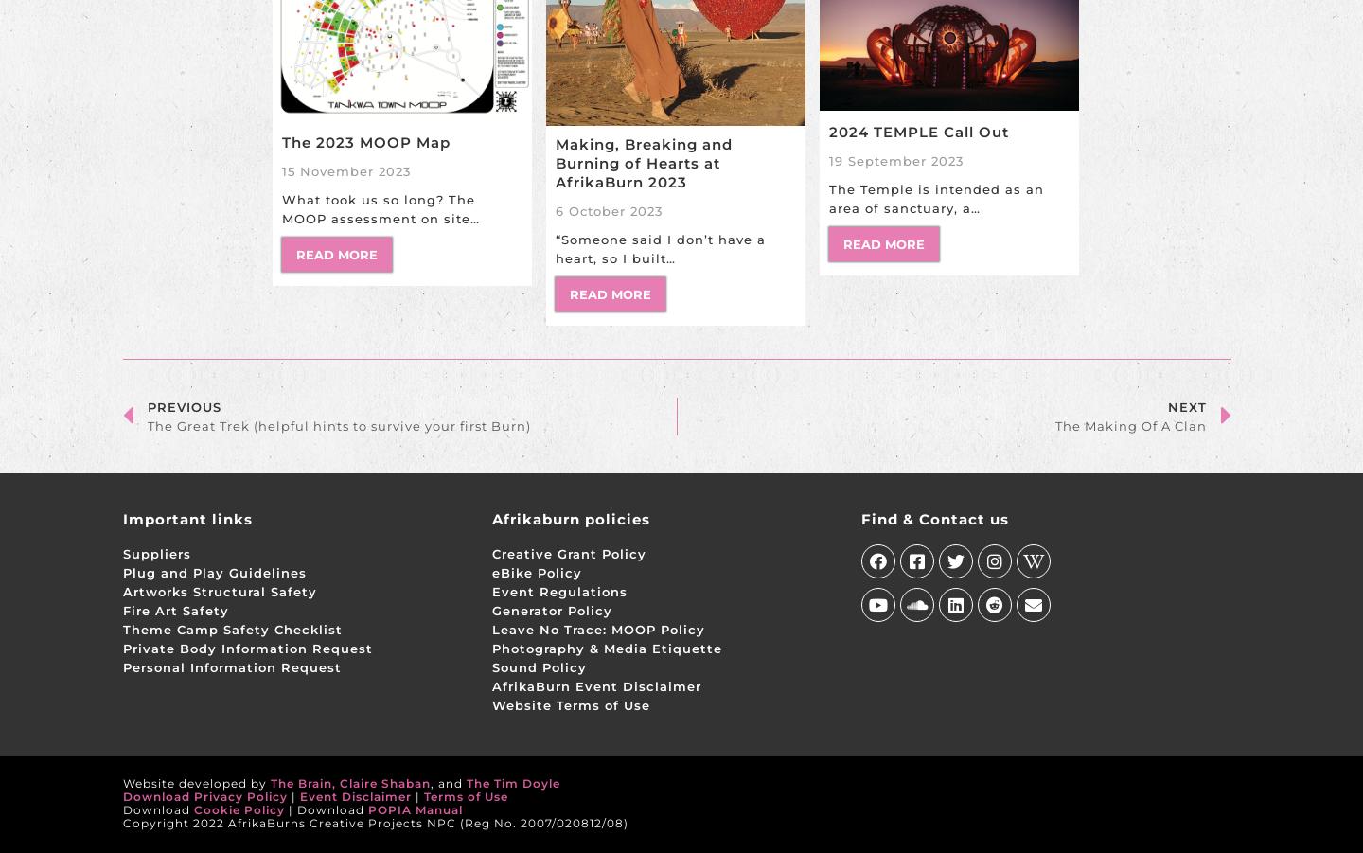  I want to click on '“Someone said I don’t have a heart, so I built…', so click(659, 247).